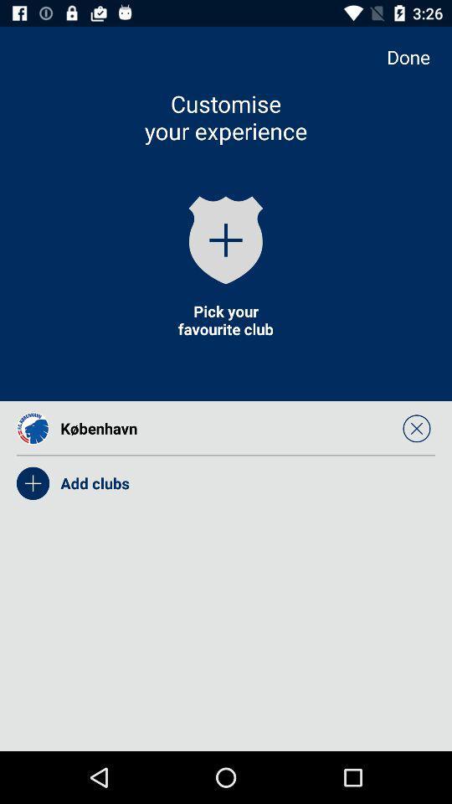 The height and width of the screenshot is (804, 452). Describe the element at coordinates (226, 319) in the screenshot. I see `the pick your favourite` at that location.